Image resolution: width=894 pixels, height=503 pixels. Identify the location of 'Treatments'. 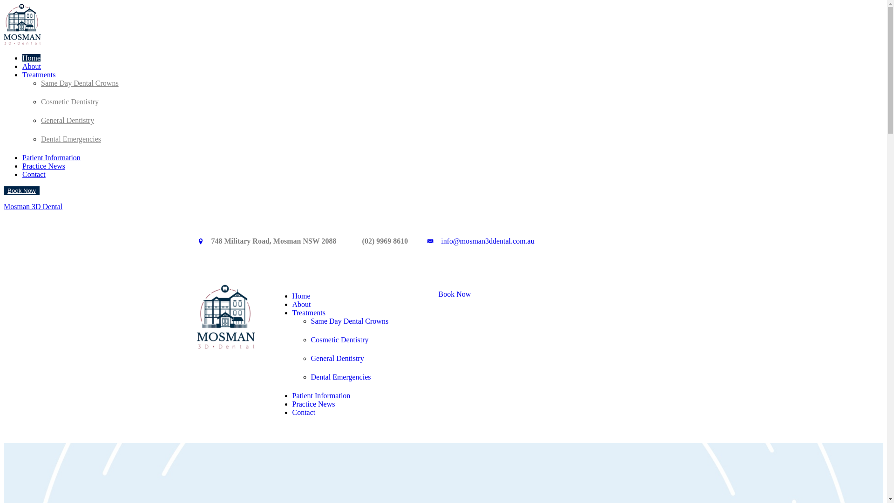
(309, 313).